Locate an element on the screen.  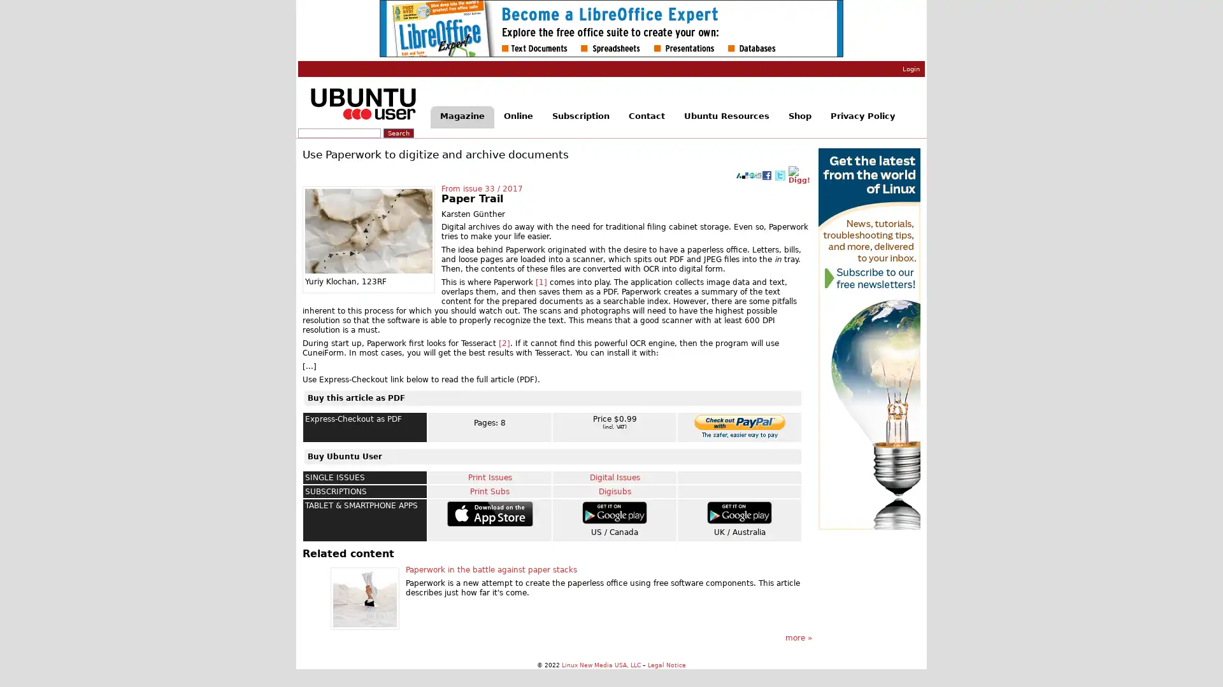
Make payments with PayPal is located at coordinates (739, 427).